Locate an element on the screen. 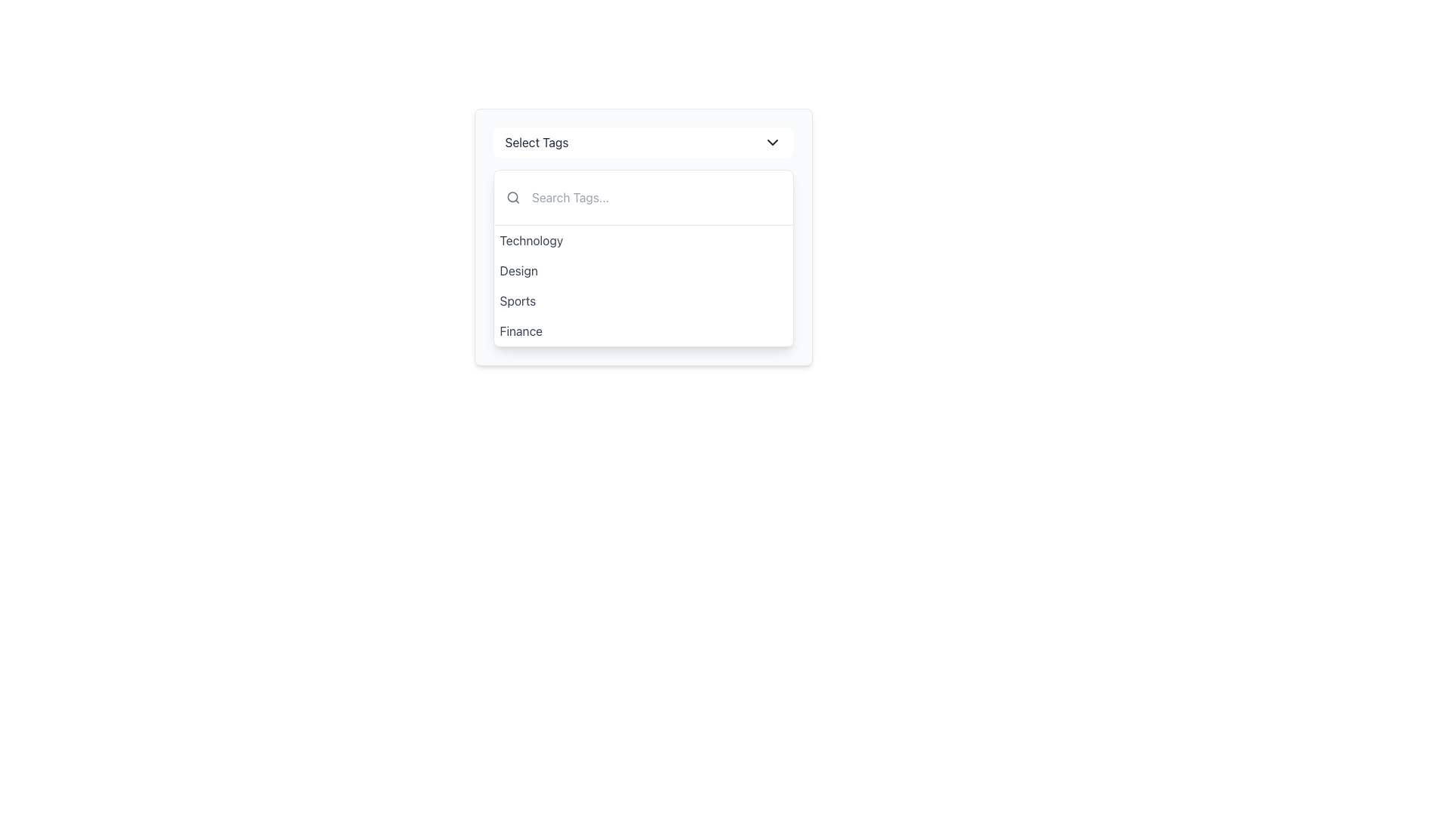  the 'Design' tag in the dropdown menu to trigger the hover effect is located at coordinates (643, 269).